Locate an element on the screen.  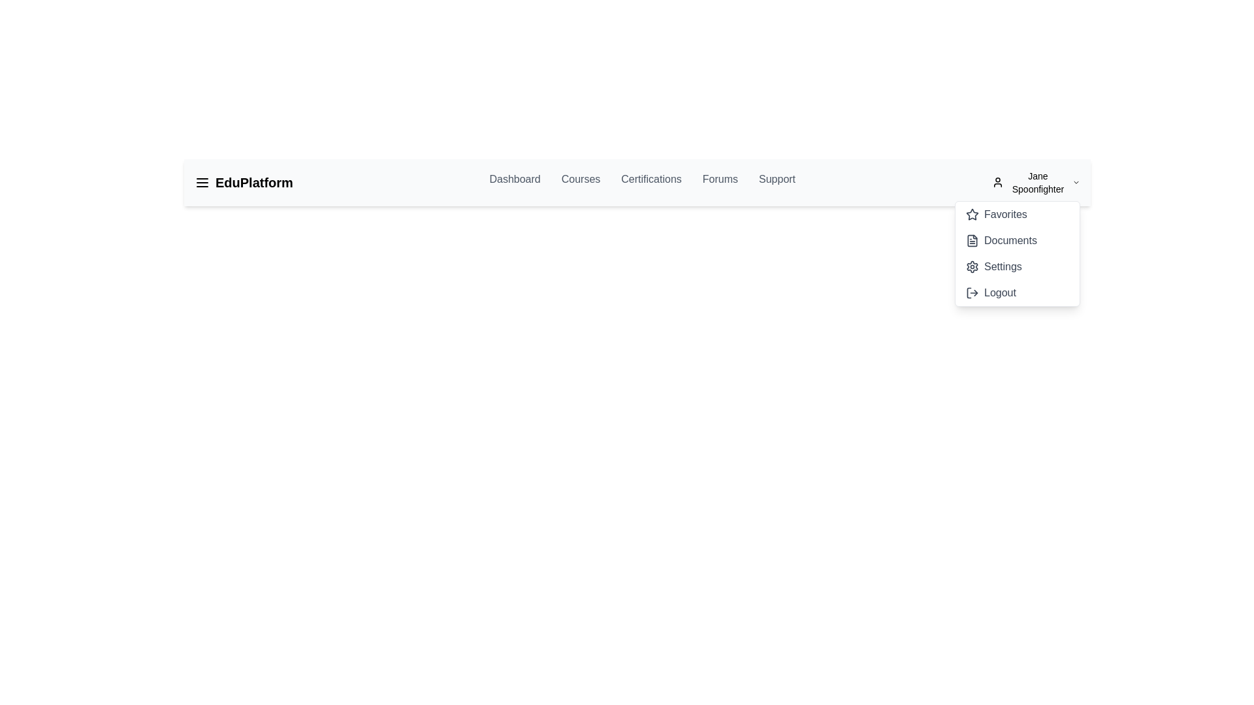
the 'Favorites' icon located in the dropdown menu of the user profile section at the top-right corner to initiate navigation to favorite items is located at coordinates (972, 213).